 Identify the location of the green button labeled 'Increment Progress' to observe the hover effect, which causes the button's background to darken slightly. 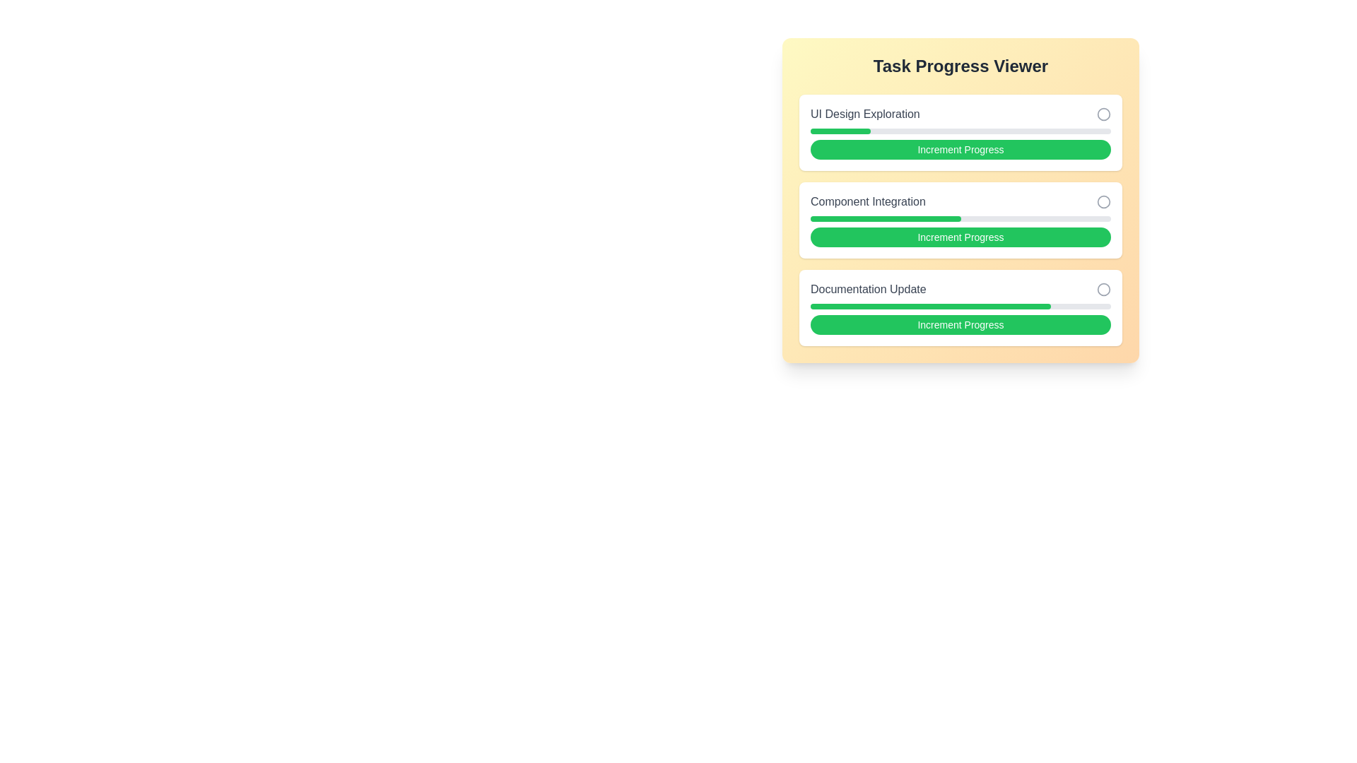
(961, 324).